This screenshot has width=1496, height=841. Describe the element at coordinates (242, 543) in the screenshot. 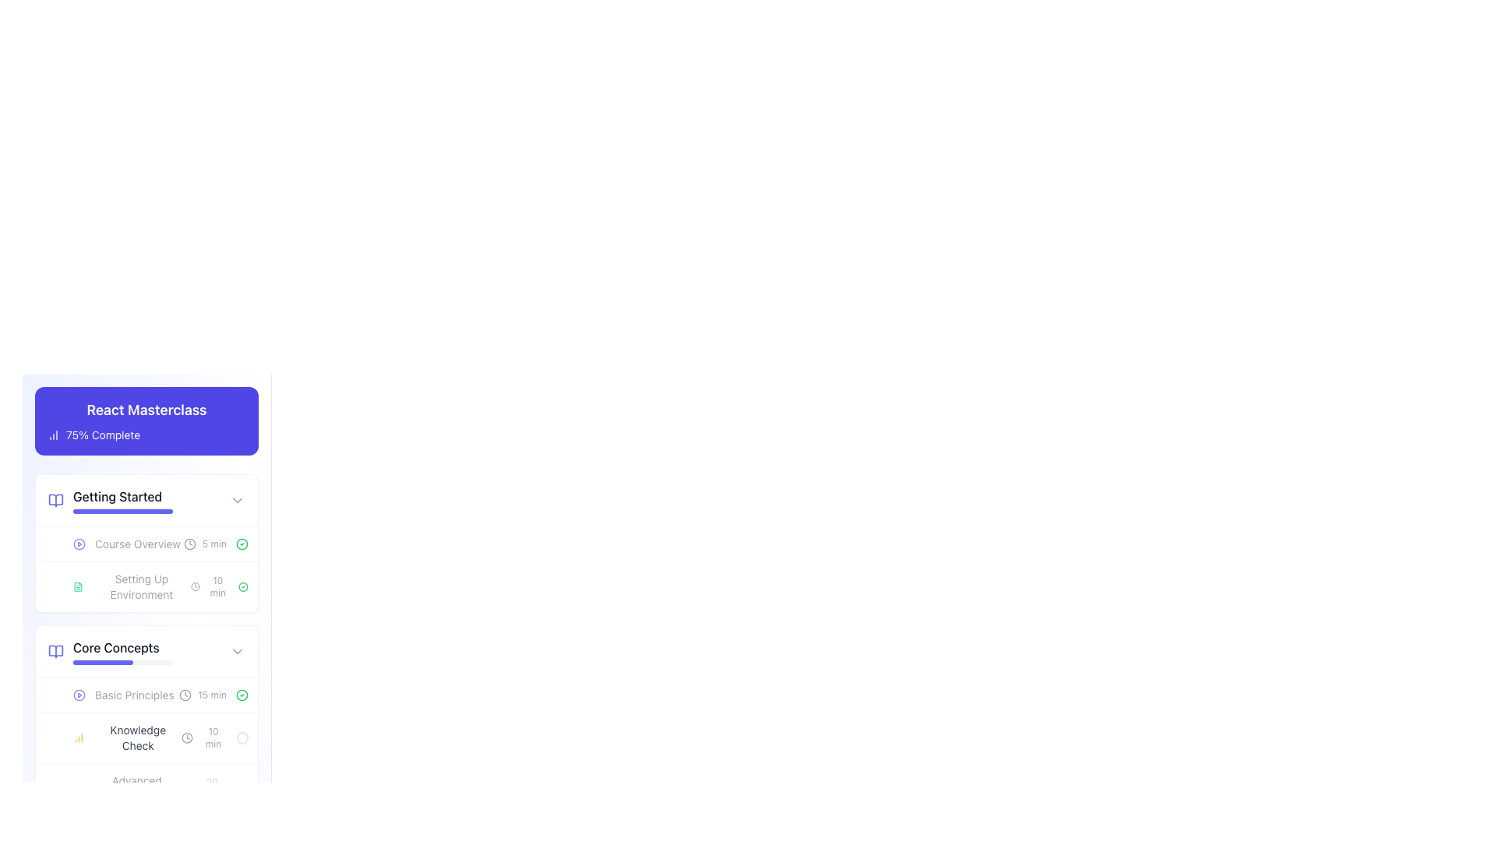

I see `the status of the checkmark icon located next to the '5 min' text in the 'Getting Started' section of the Course Overview` at that location.